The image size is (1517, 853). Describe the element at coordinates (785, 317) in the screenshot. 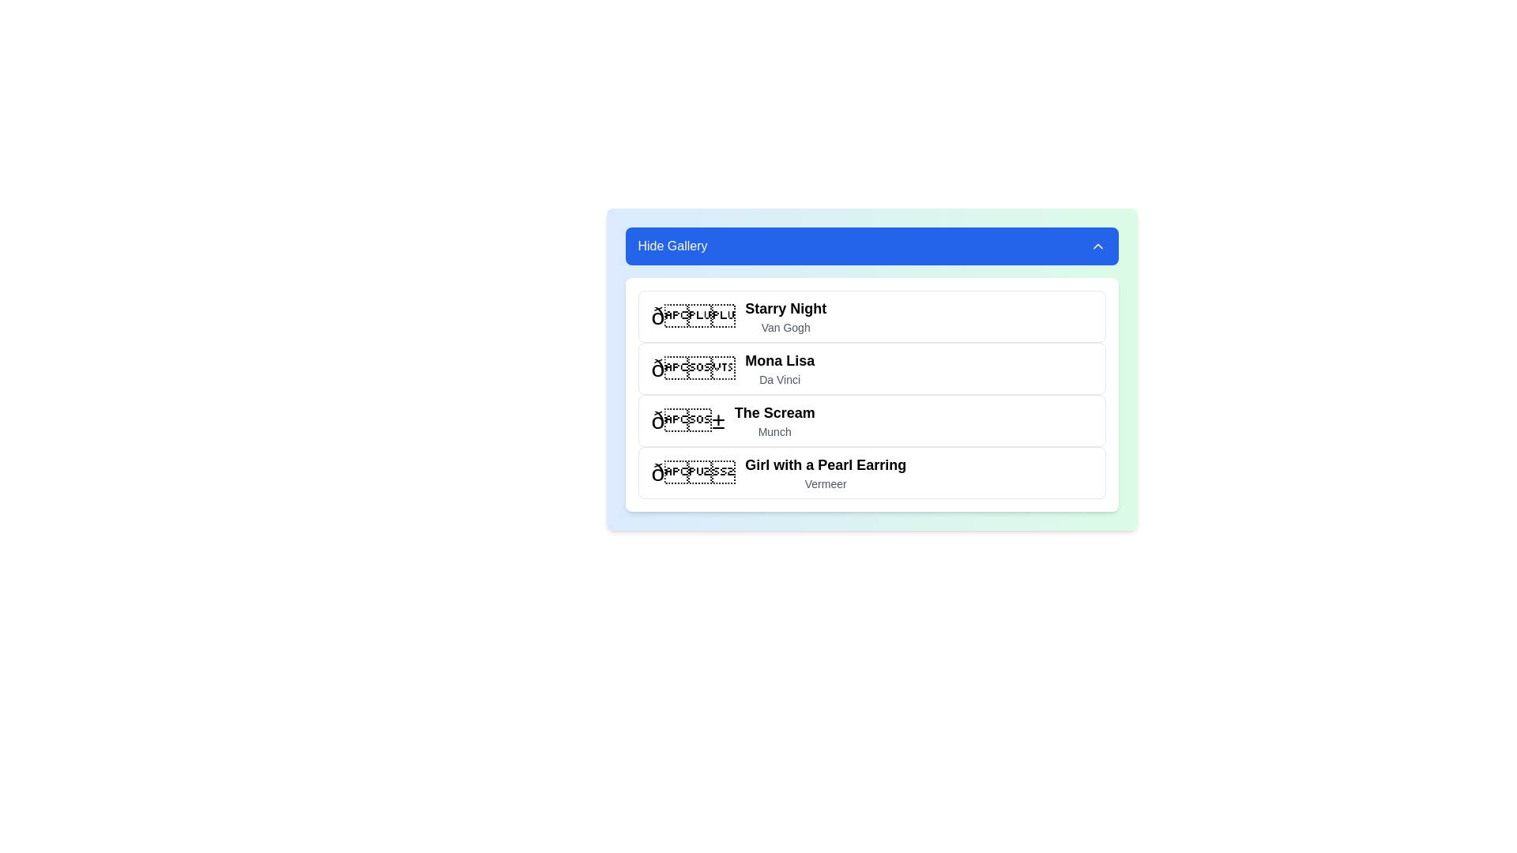

I see `the text block displaying 'Starry Night' by Van Gogh` at that location.